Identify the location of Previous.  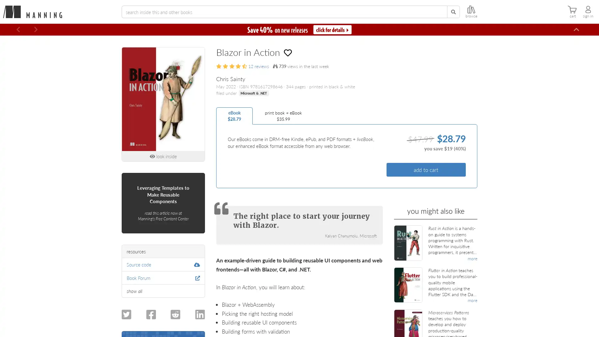
(18, 30).